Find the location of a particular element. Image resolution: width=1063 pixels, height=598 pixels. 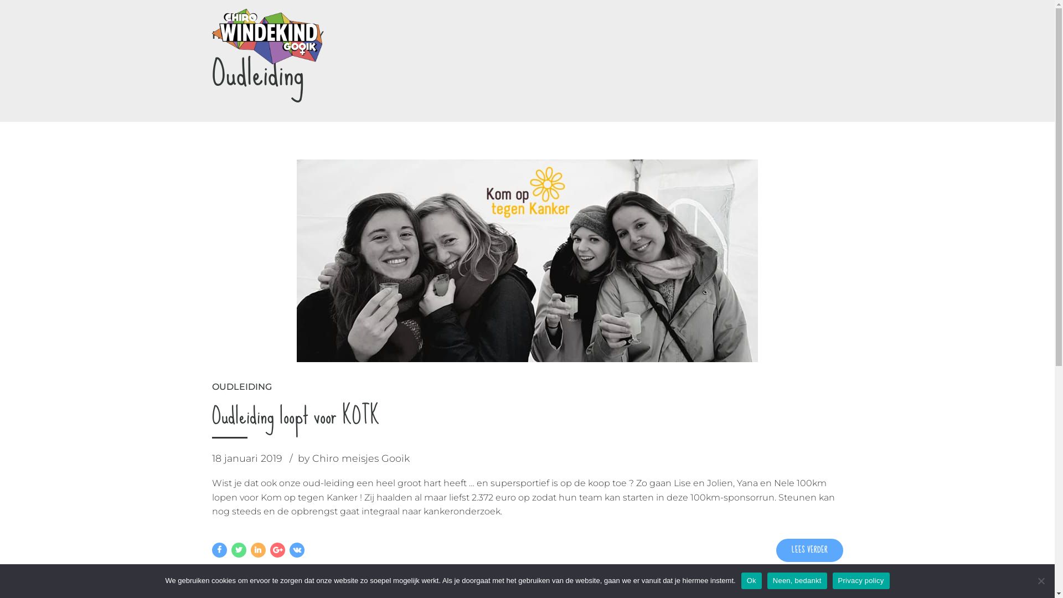

'by Chiro meisjes Gooik' is located at coordinates (297, 458).